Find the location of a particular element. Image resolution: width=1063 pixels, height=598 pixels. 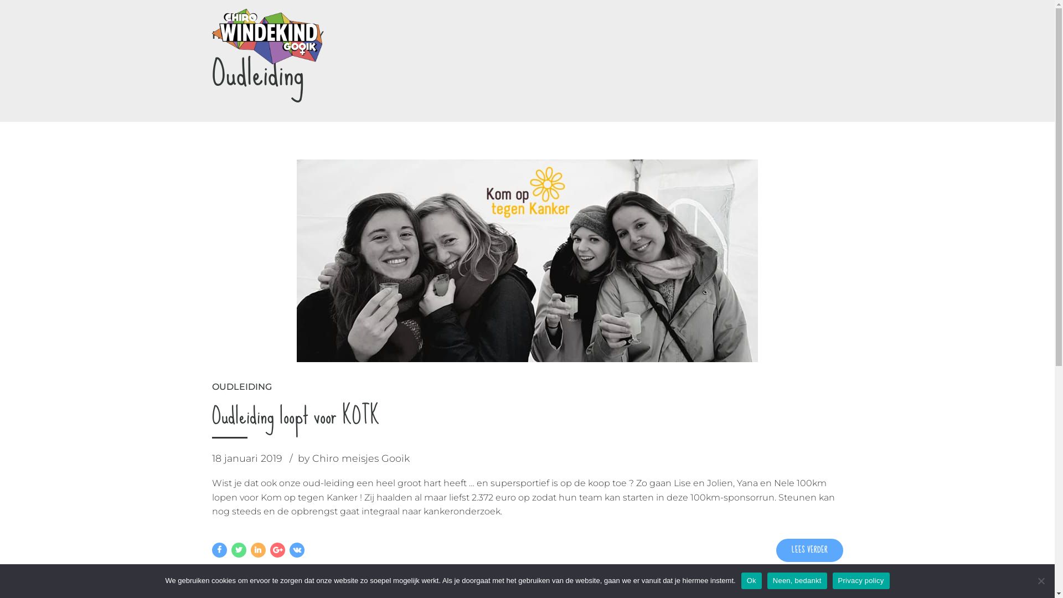

'by Chiro meisjes Gooik' is located at coordinates (297, 458).